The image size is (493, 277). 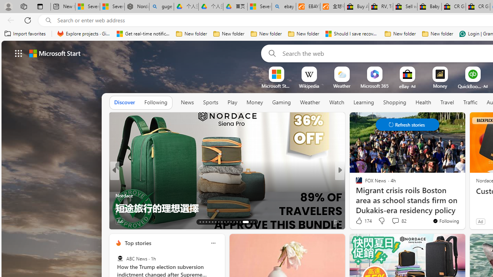 I want to click on 'AutomationID: tab-15', so click(x=206, y=222).